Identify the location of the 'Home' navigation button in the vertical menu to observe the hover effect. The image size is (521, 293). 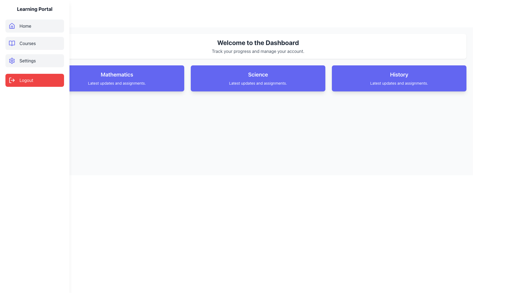
(34, 26).